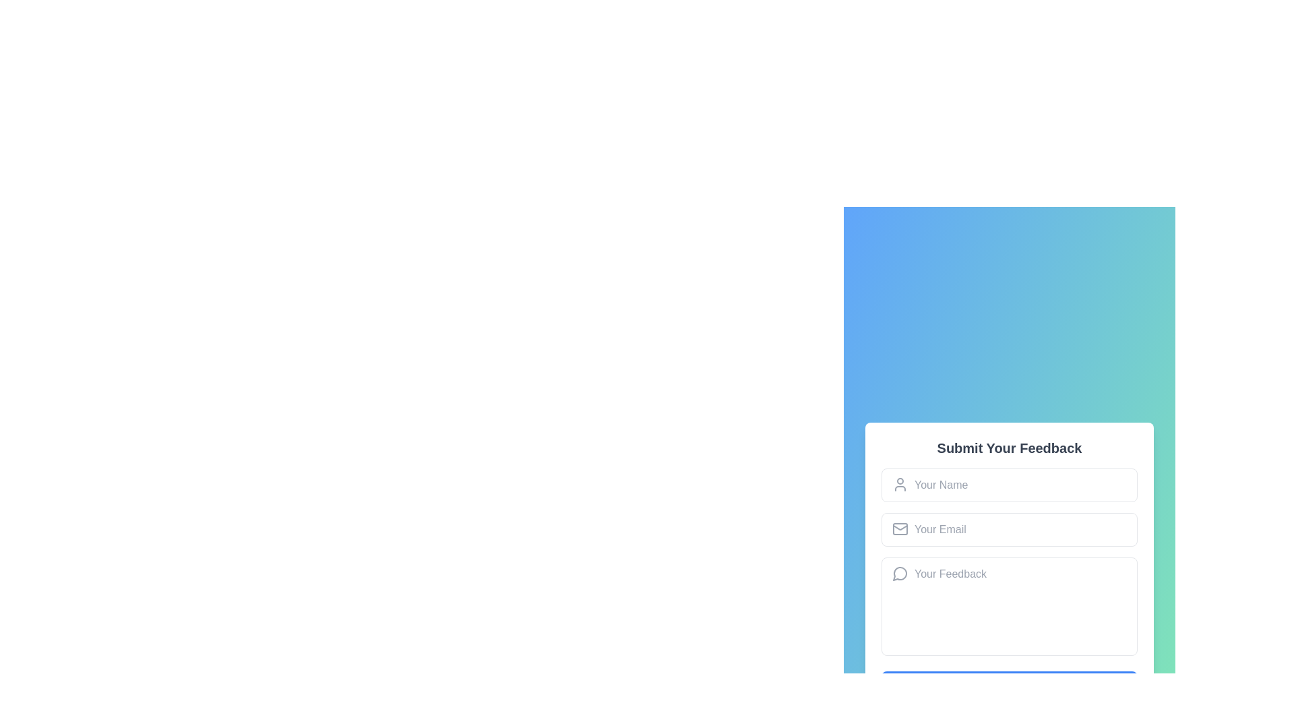 The height and width of the screenshot is (728, 1294). Describe the element at coordinates (900, 483) in the screenshot. I see `the decorative icon that visually indicates the purpose of the adjacent text input field for entering the user's name, located on the left side of the input field` at that location.